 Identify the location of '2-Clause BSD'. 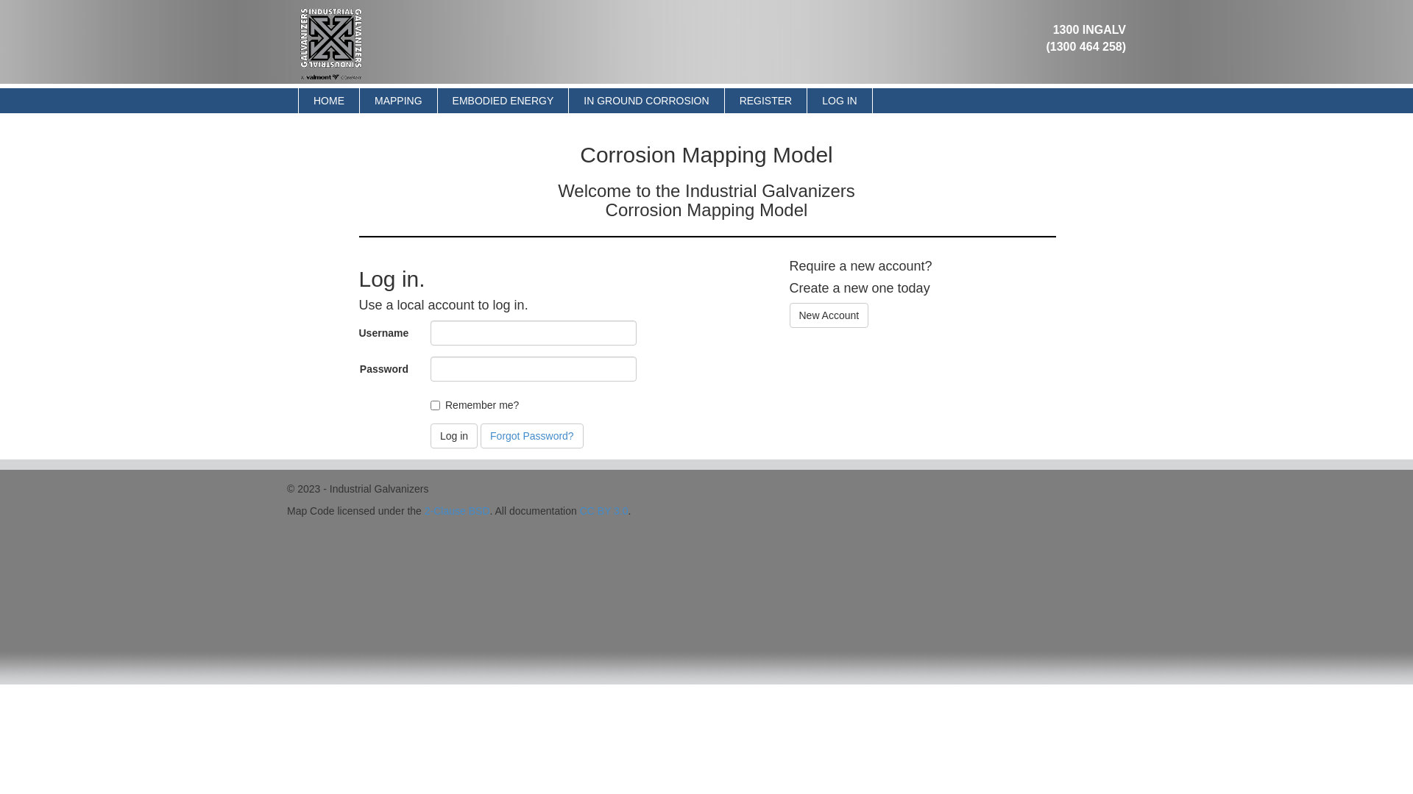
(456, 509).